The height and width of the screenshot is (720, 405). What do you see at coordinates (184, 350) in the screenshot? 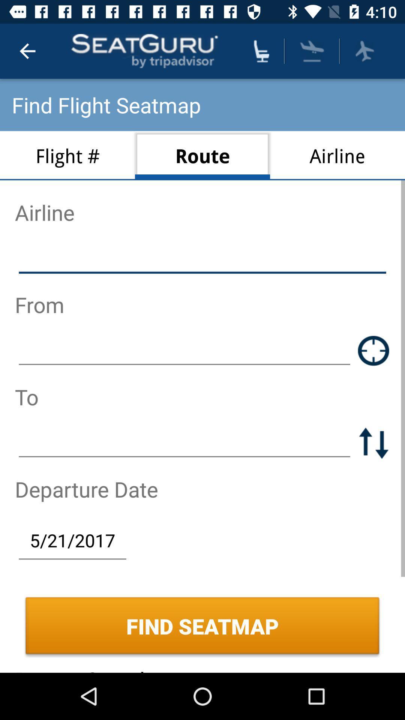
I see `airport code` at bounding box center [184, 350].